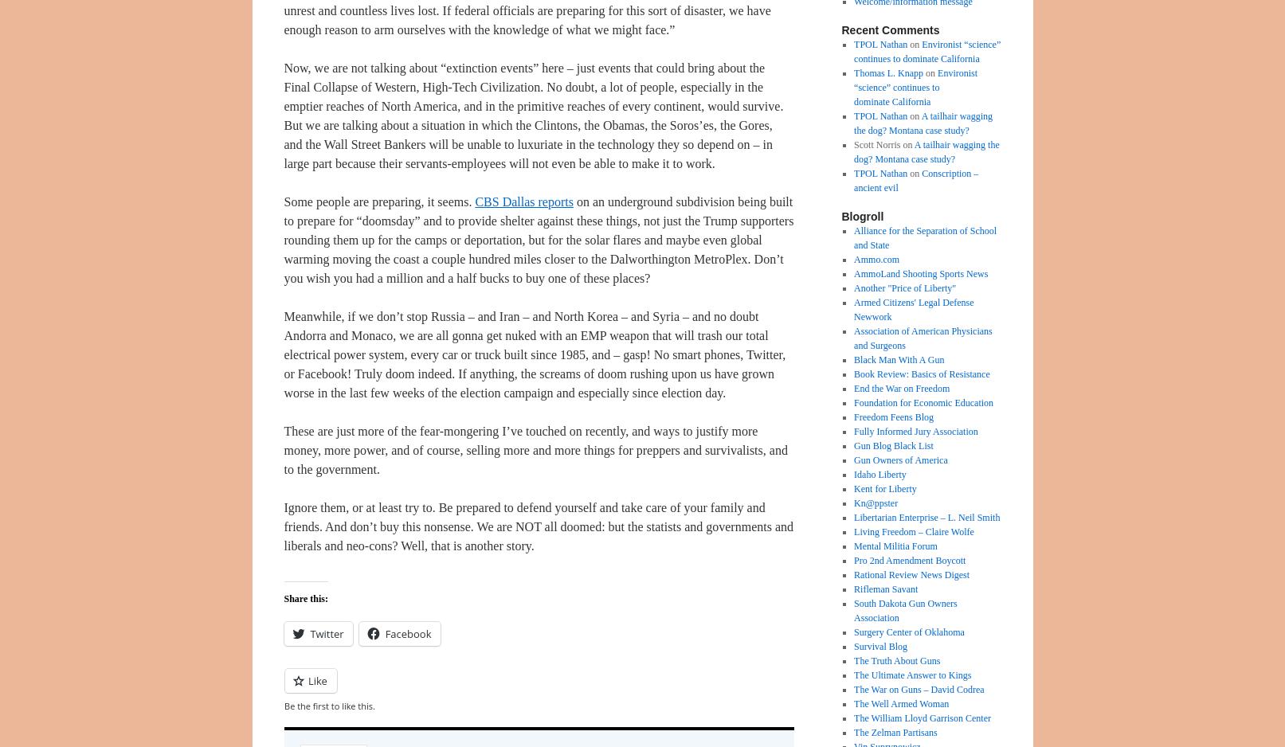 The image size is (1285, 747). I want to click on 'Gun Owners of America', so click(899, 459).